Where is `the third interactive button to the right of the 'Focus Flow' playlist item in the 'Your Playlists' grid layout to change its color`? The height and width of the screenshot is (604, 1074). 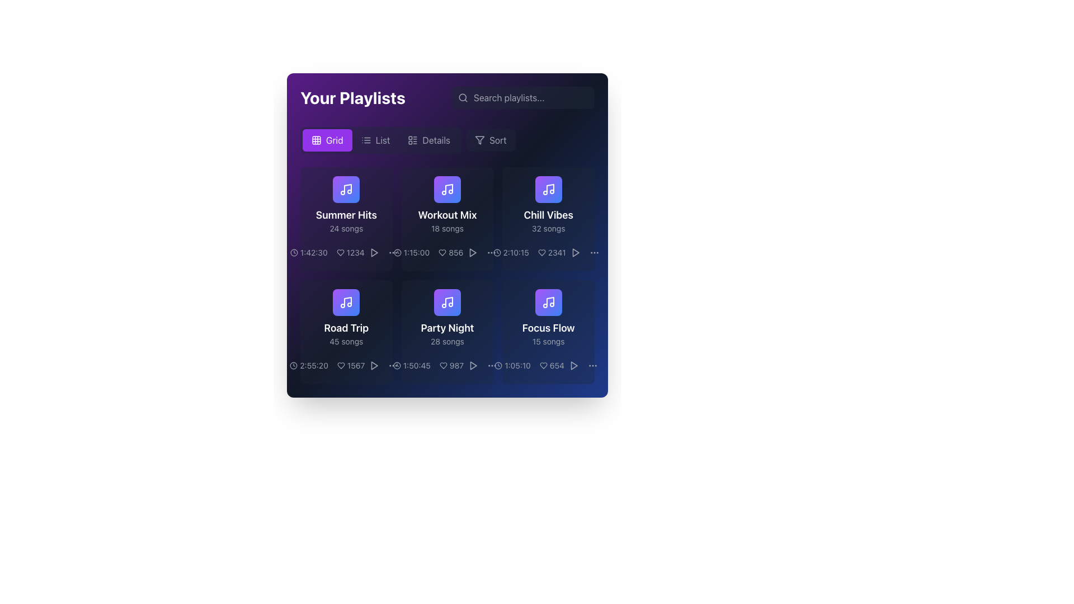 the third interactive button to the right of the 'Focus Flow' playlist item in the 'Your Playlists' grid layout to change its color is located at coordinates (574, 366).